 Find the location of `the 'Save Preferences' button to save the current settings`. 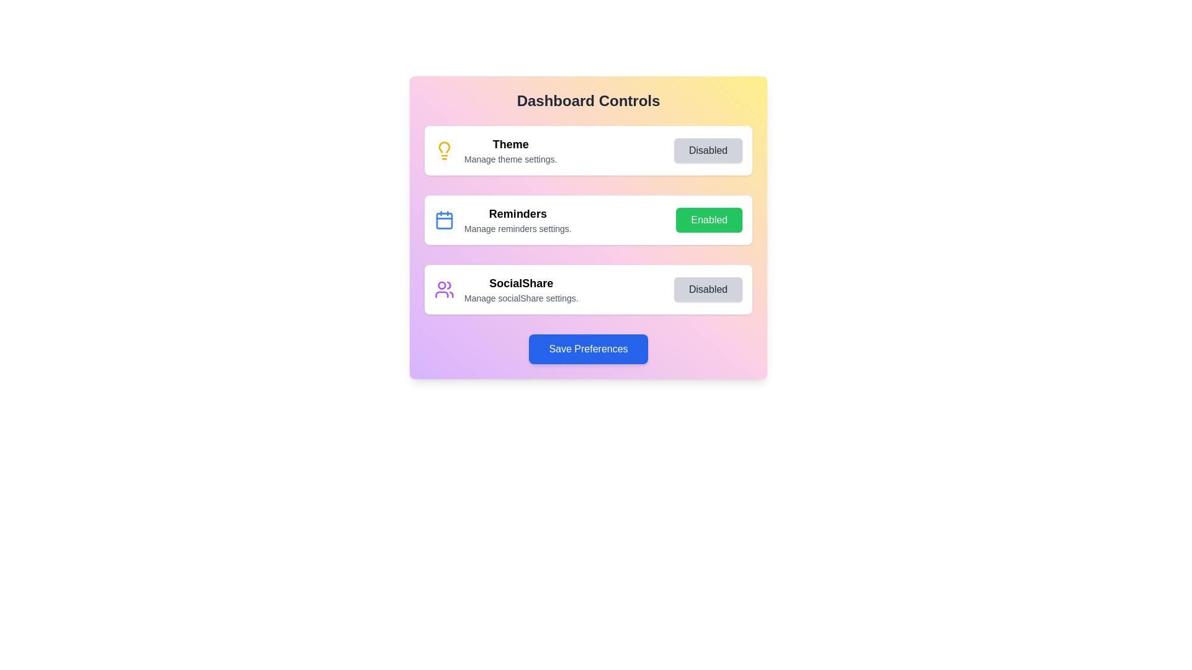

the 'Save Preferences' button to save the current settings is located at coordinates (588, 349).